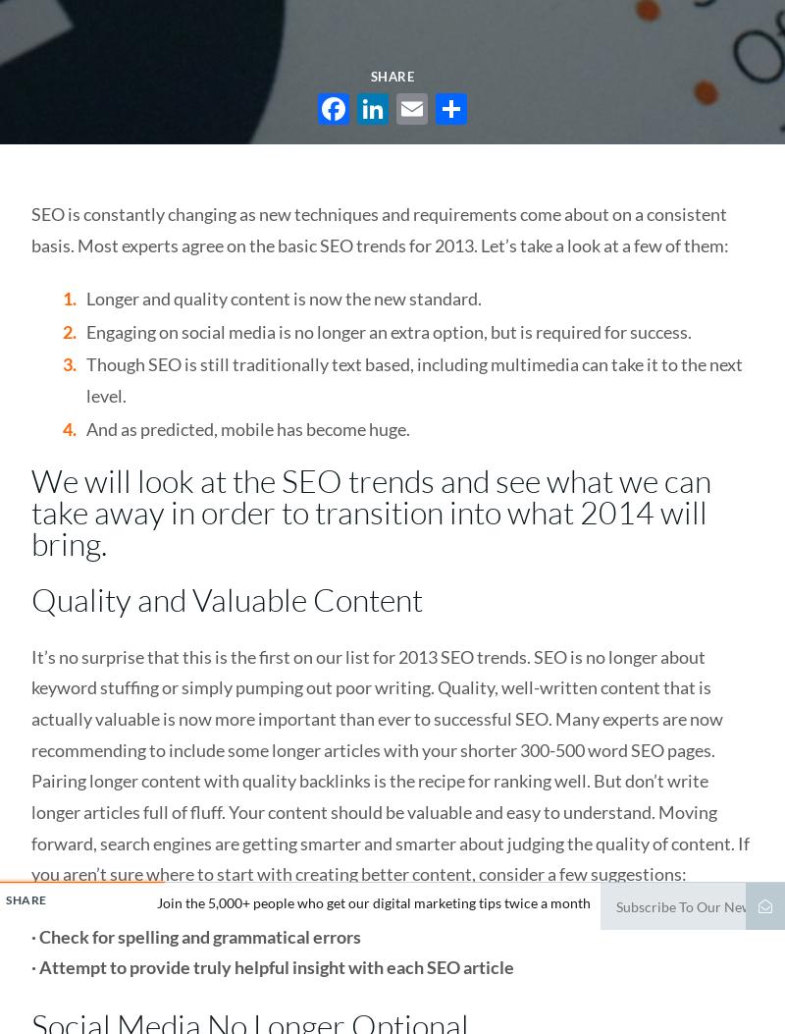 The image size is (785, 1034). I want to click on 'And as predicted, mobile has become huge.', so click(246, 427).